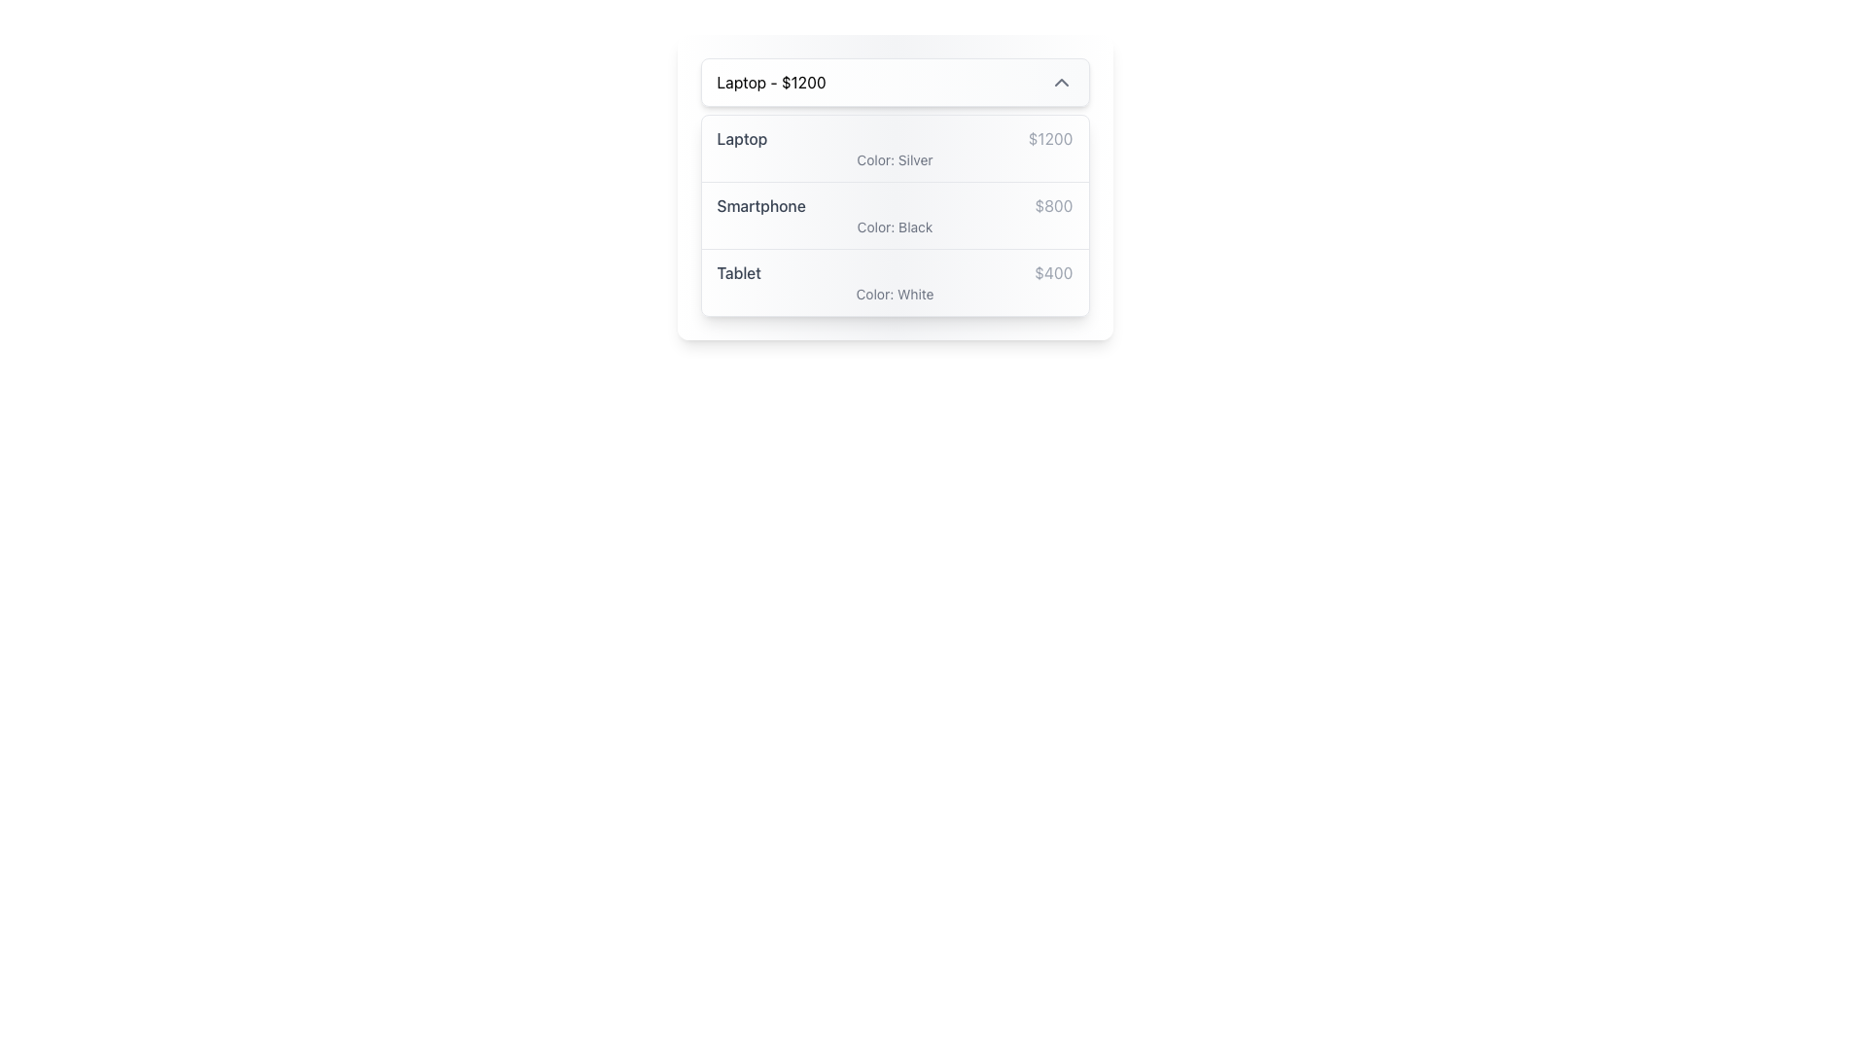  What do you see at coordinates (894, 227) in the screenshot?
I see `additional information text element about the color property of the 'Smartphone' item, located below the main item description and price` at bounding box center [894, 227].